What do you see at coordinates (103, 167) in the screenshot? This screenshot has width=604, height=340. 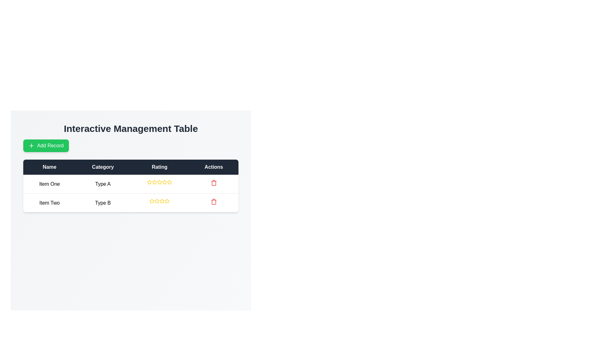 I see `the header cell for the 'Category' column in the Interactive Management Table to sort the data by category` at bounding box center [103, 167].